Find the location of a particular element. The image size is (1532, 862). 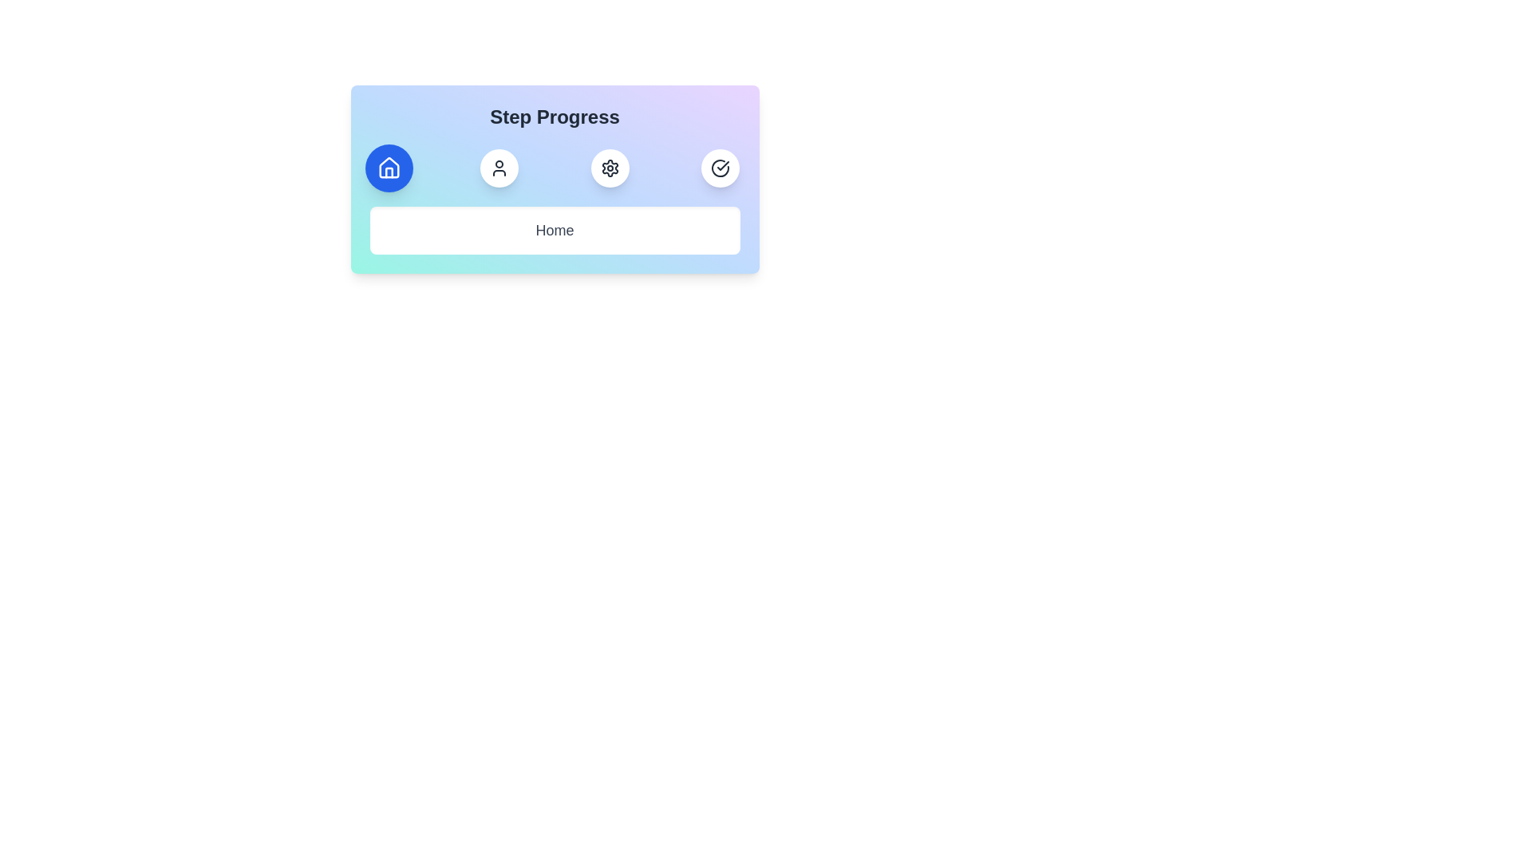

the text 'Home' in the step progress component is located at coordinates (555, 231).